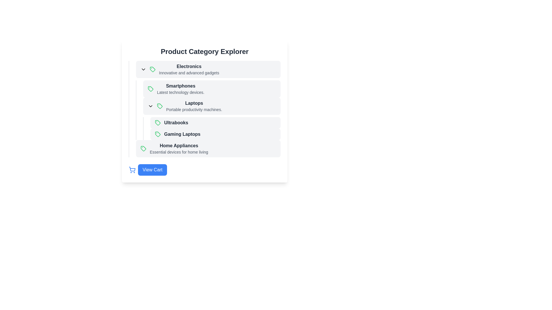 The width and height of the screenshot is (552, 310). I want to click on the green tag-like icon with a hole-like circle feature located next to the 'Gaming Laptops' sub-item under the 'Laptops' category, so click(158, 134).